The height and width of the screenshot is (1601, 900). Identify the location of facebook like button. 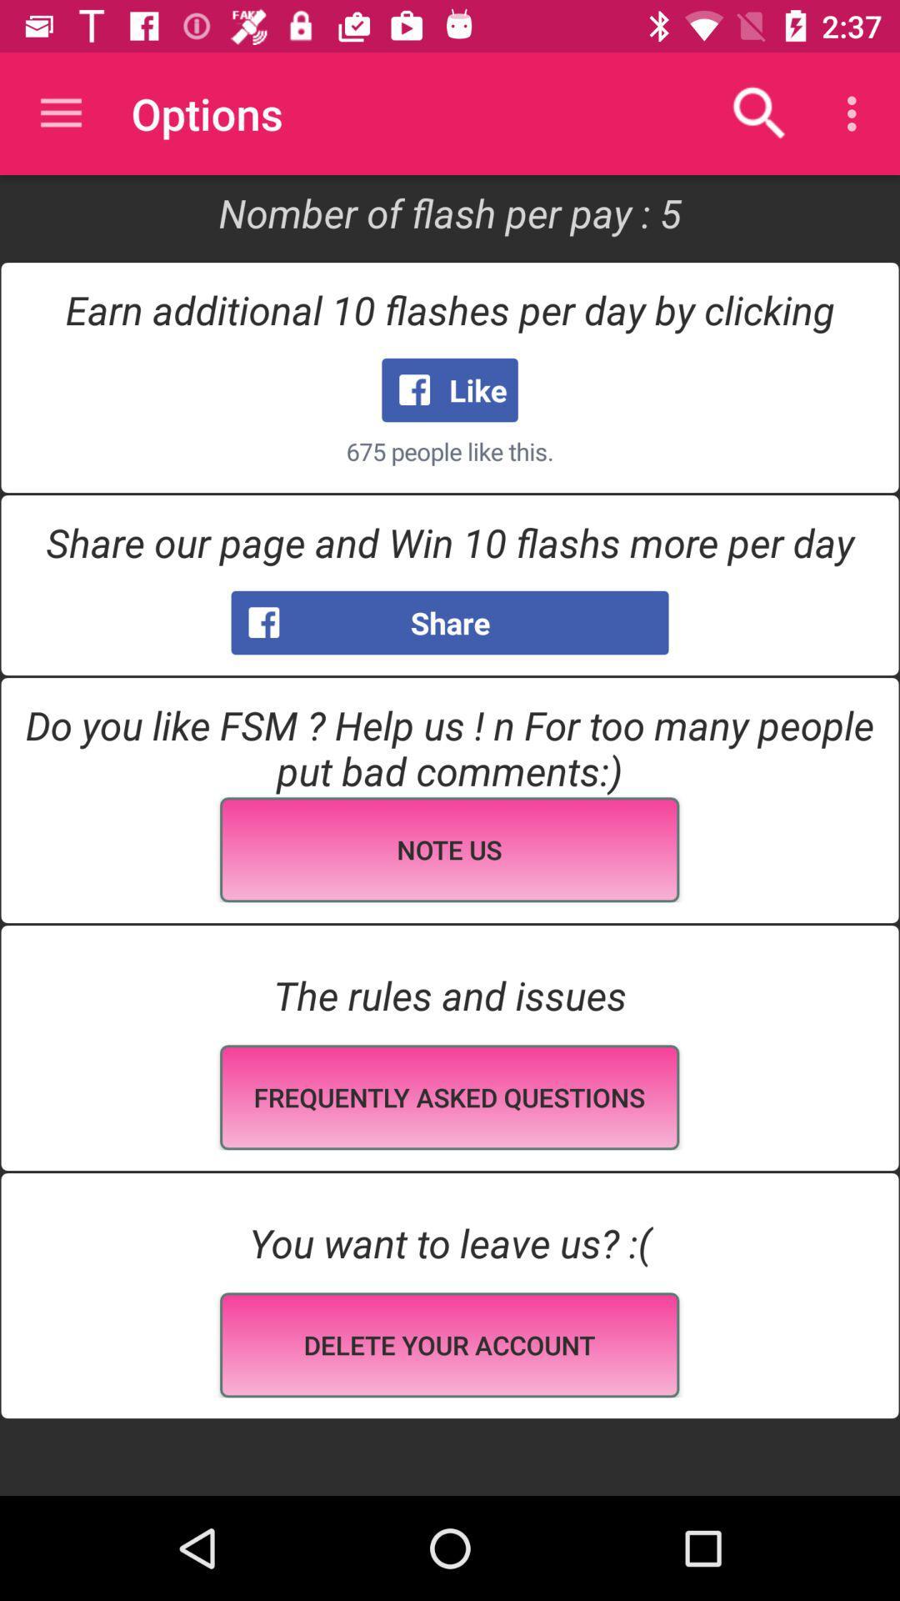
(450, 389).